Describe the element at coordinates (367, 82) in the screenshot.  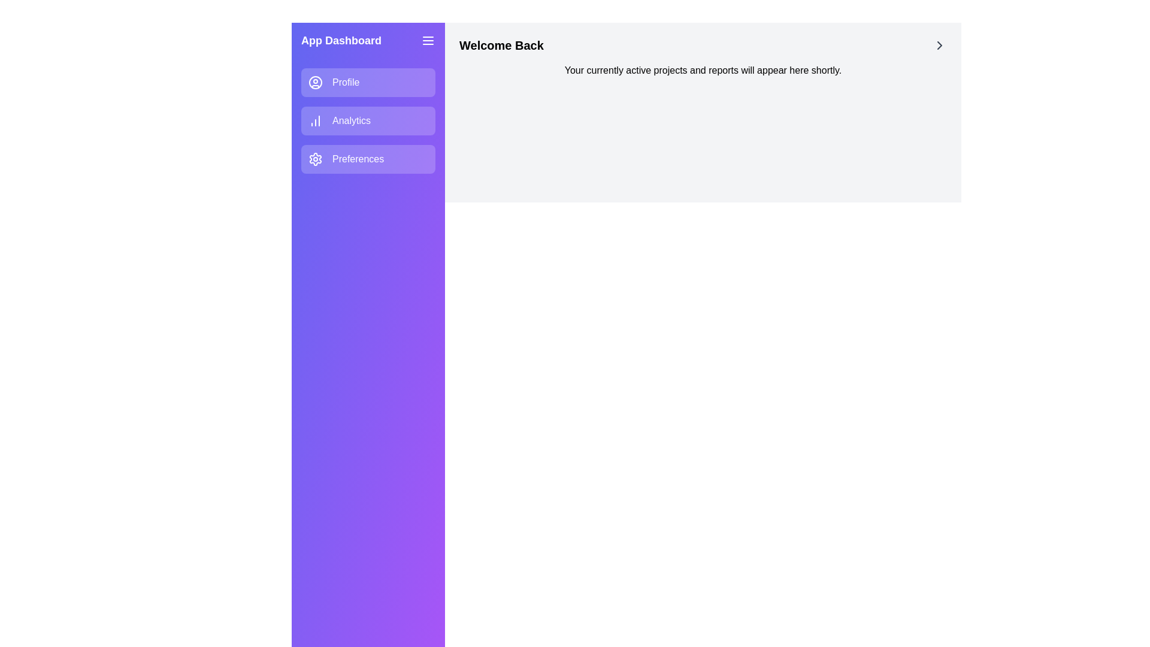
I see `the navigation item labeled Profile to navigate to its section` at that location.